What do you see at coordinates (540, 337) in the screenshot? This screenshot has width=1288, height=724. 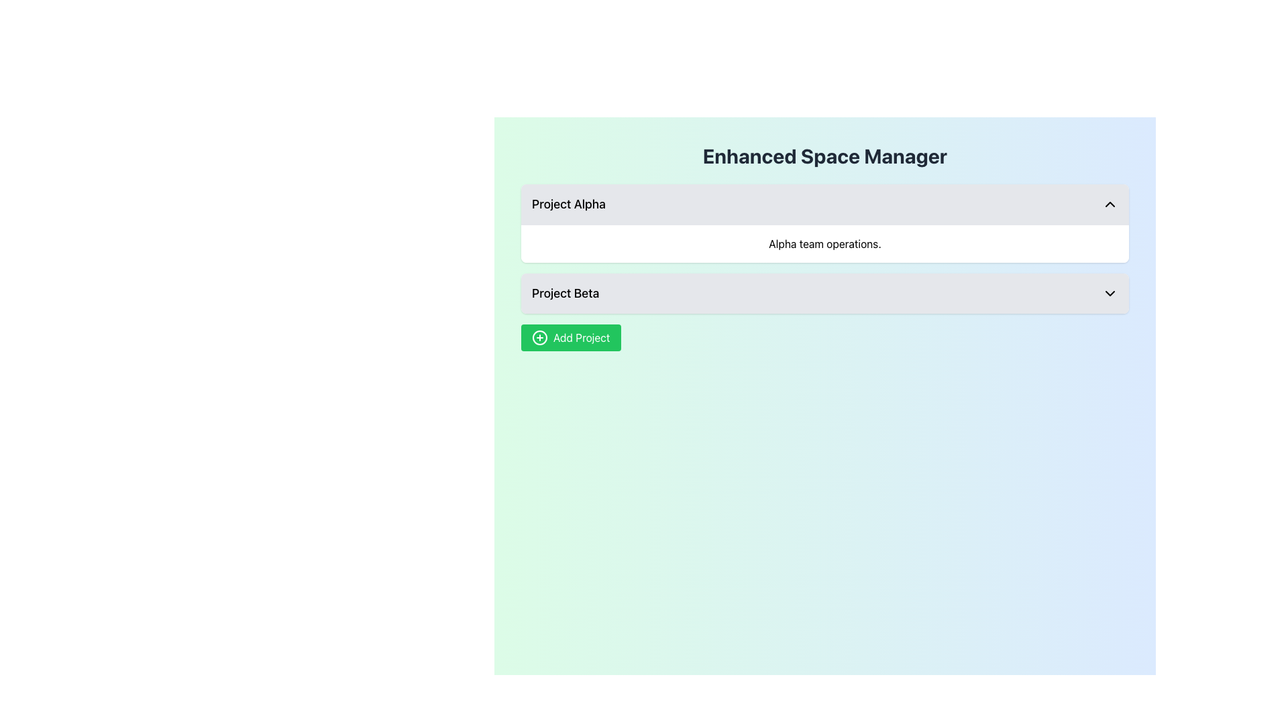 I see `the outer circle of the plus symbol icon within the 'Add Project' button located at the bottom of the interface` at bounding box center [540, 337].